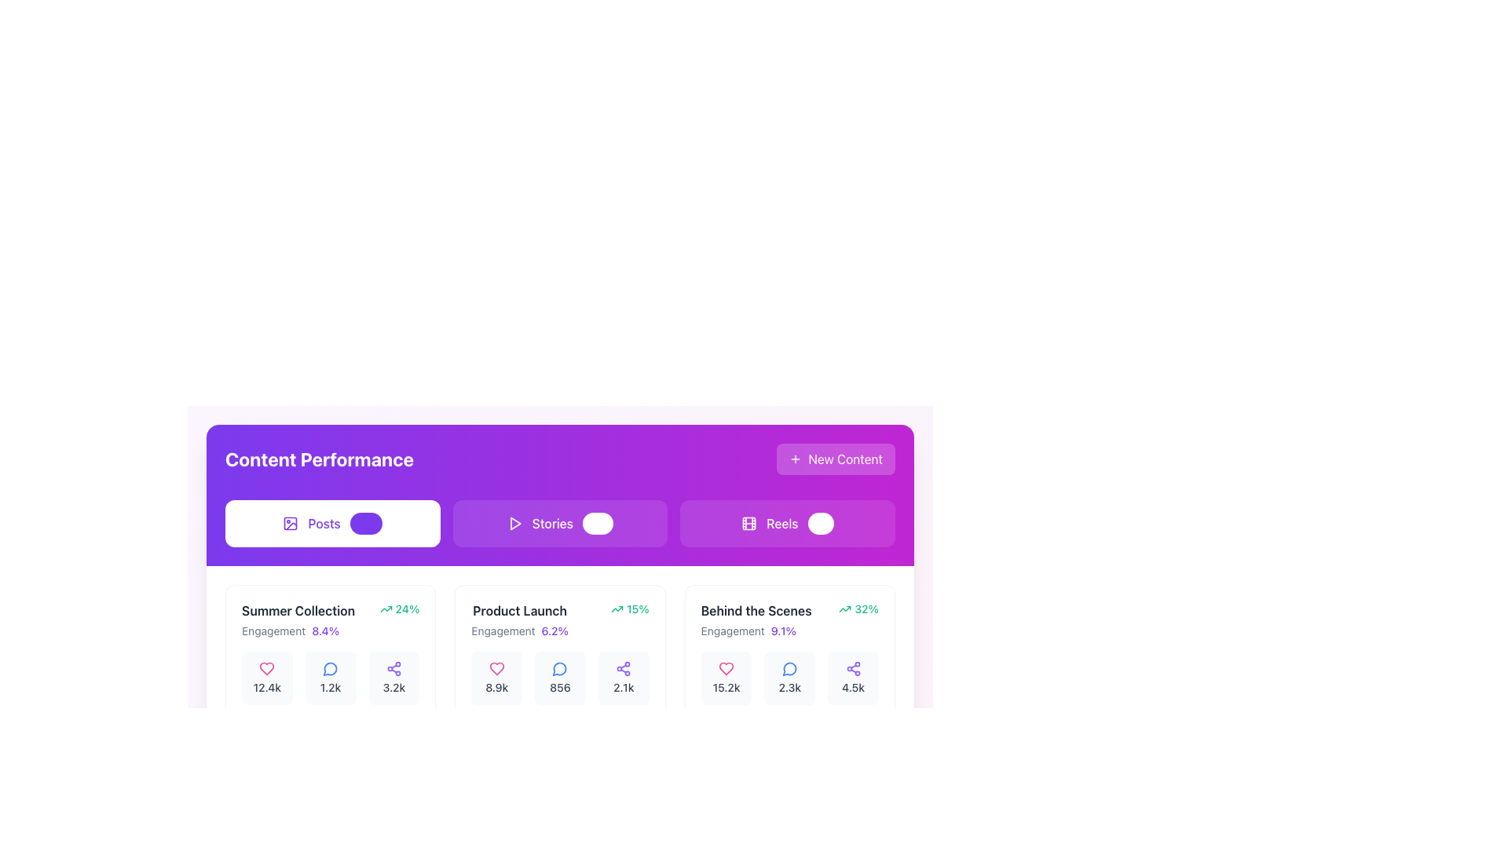 The height and width of the screenshot is (848, 1508). I want to click on the data display card representing the 'comments' metric under the 'Product Launch' heading, which is the middle card, so click(560, 660).